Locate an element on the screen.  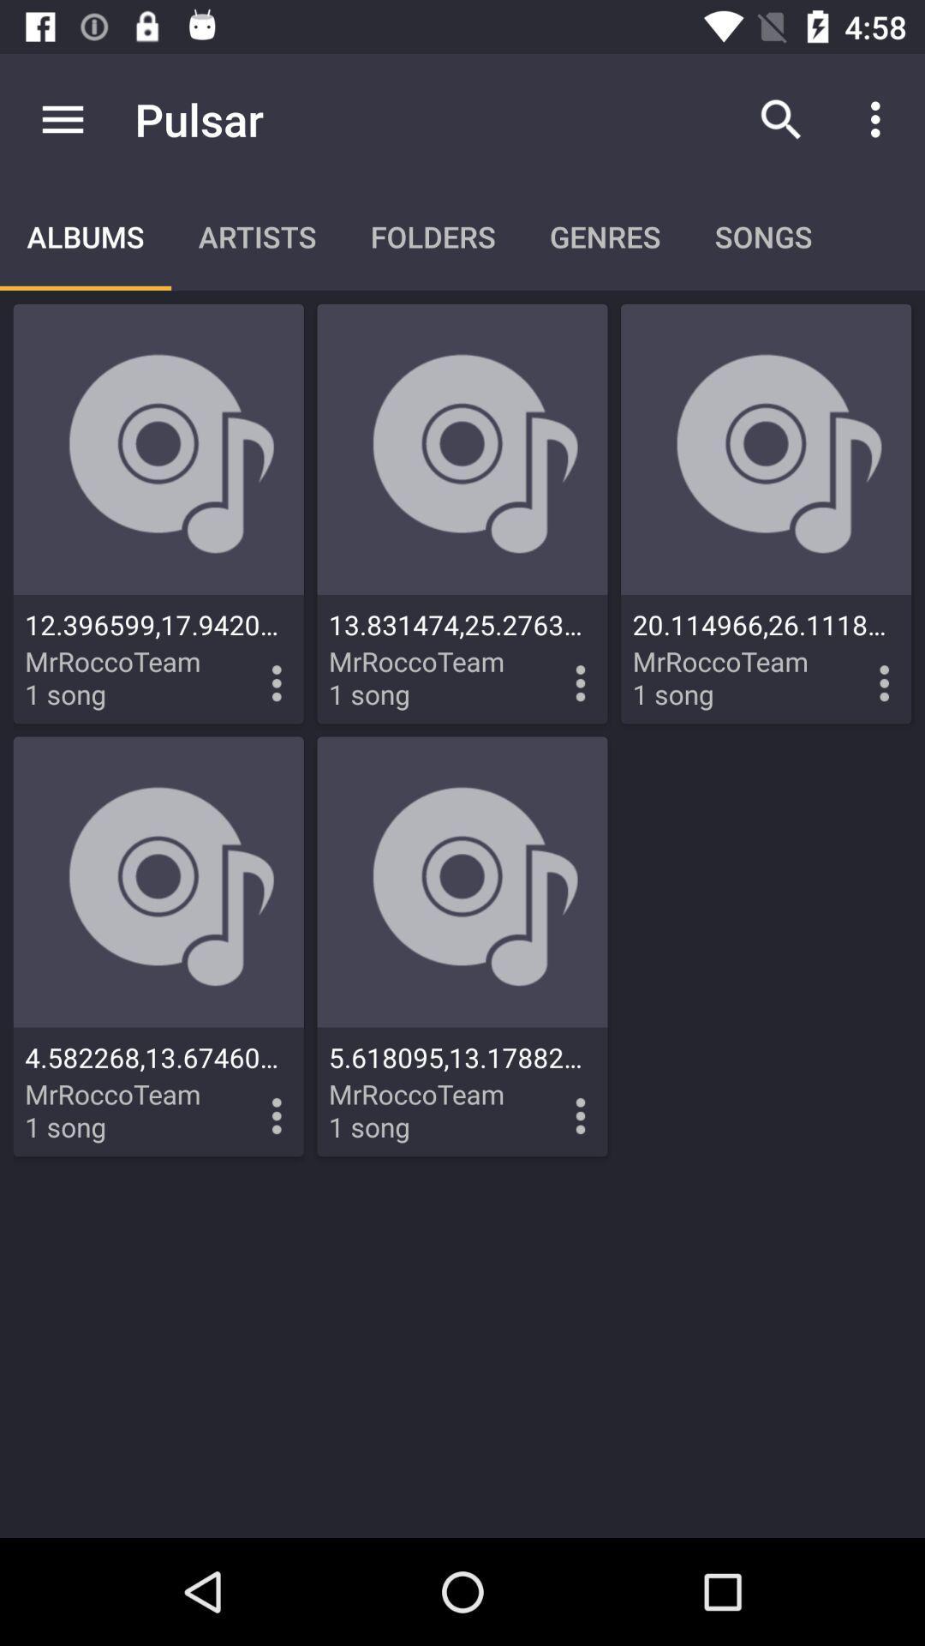
the icon above the albums item is located at coordinates (62, 118).